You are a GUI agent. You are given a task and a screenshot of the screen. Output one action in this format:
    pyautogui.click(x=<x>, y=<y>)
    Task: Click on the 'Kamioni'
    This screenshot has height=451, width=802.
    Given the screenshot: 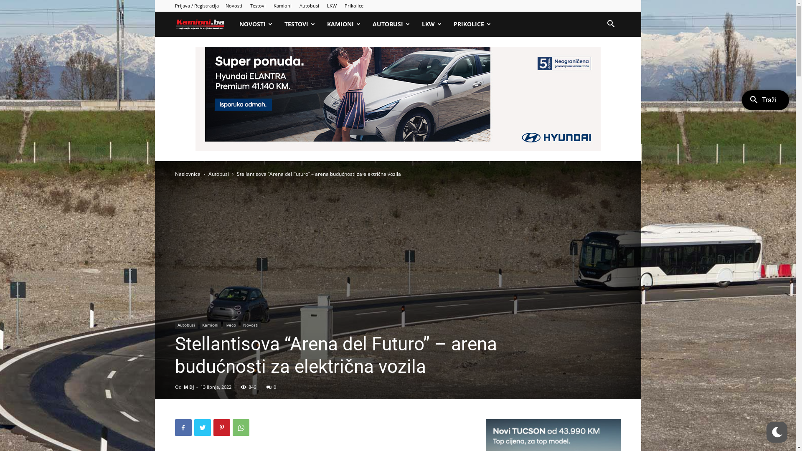 What is the action you would take?
    pyautogui.click(x=282, y=5)
    